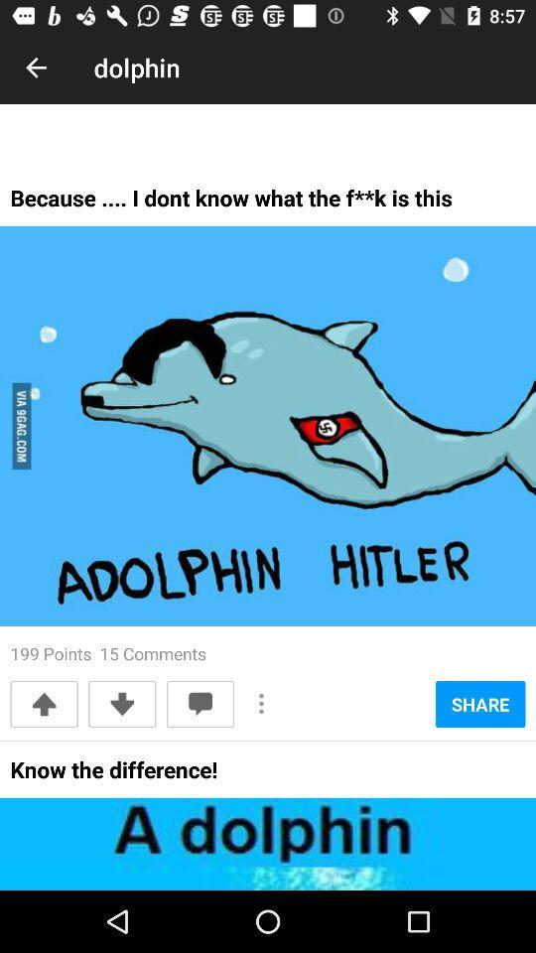 The height and width of the screenshot is (953, 536). I want to click on share item, so click(479, 704).